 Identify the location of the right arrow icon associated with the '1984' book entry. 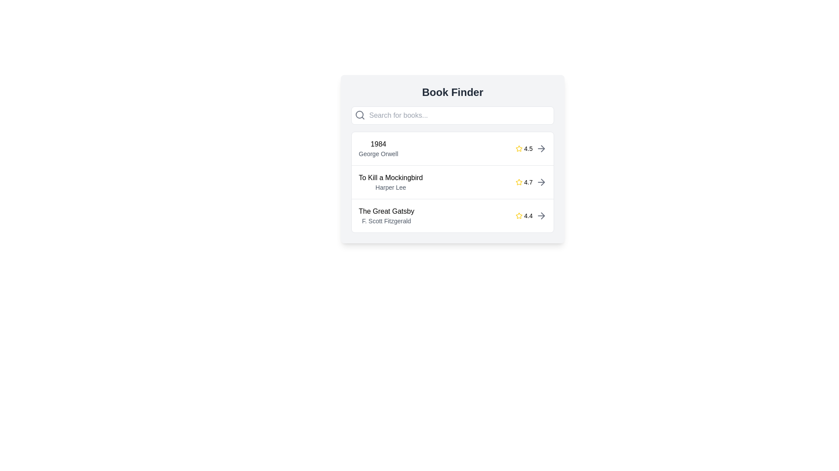
(541, 148).